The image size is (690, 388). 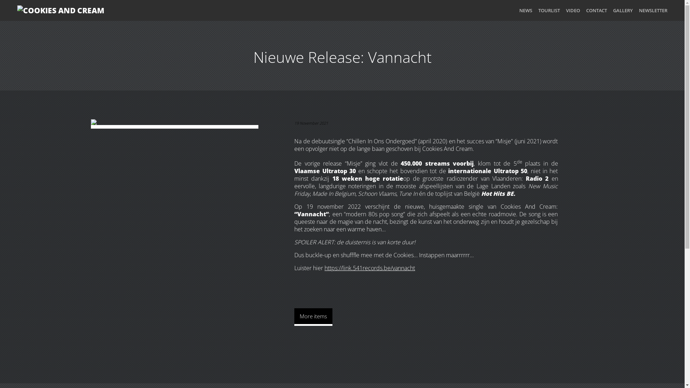 I want to click on 'CONTACT', so click(x=597, y=10).